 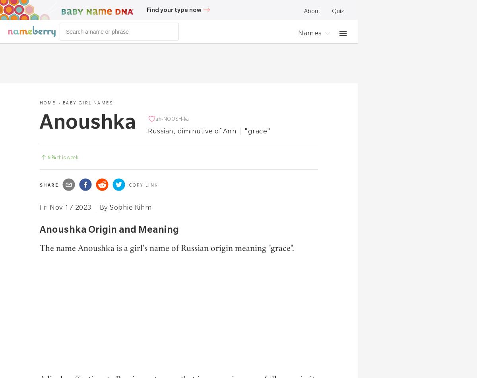 I want to click on 'By', so click(x=99, y=207).